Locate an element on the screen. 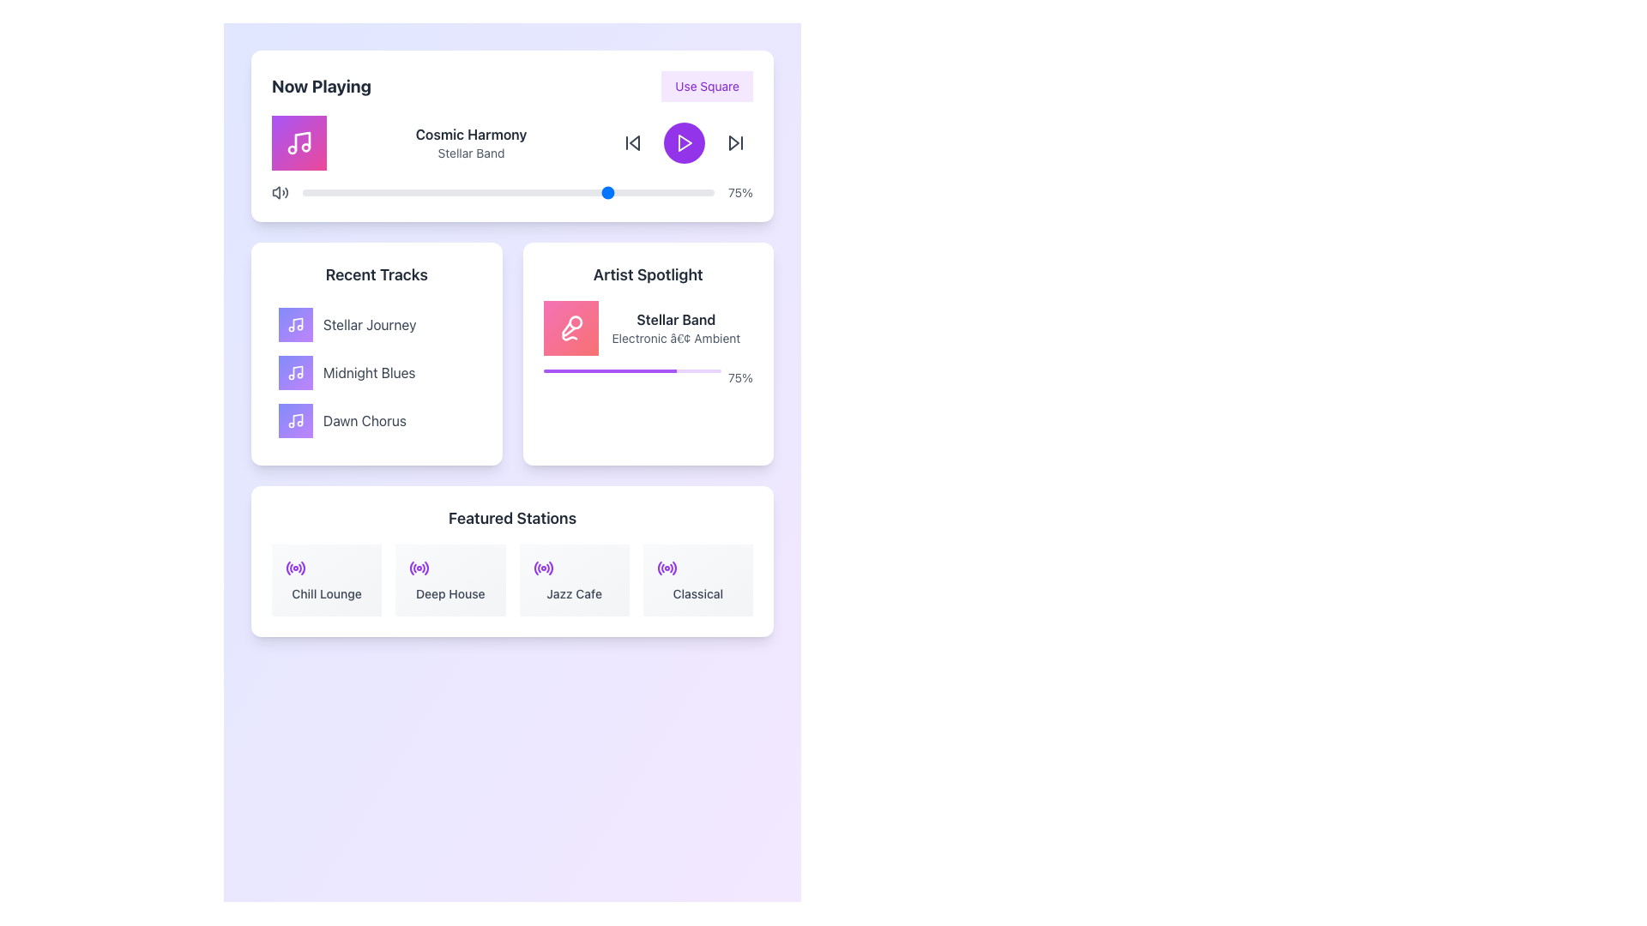 The height and width of the screenshot is (926, 1647). progress is located at coordinates (665, 370).